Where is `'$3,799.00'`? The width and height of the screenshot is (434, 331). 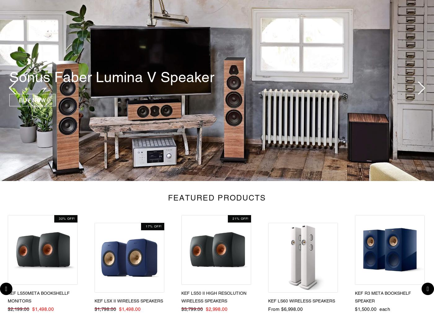
'$3,799.00' is located at coordinates (181, 309).